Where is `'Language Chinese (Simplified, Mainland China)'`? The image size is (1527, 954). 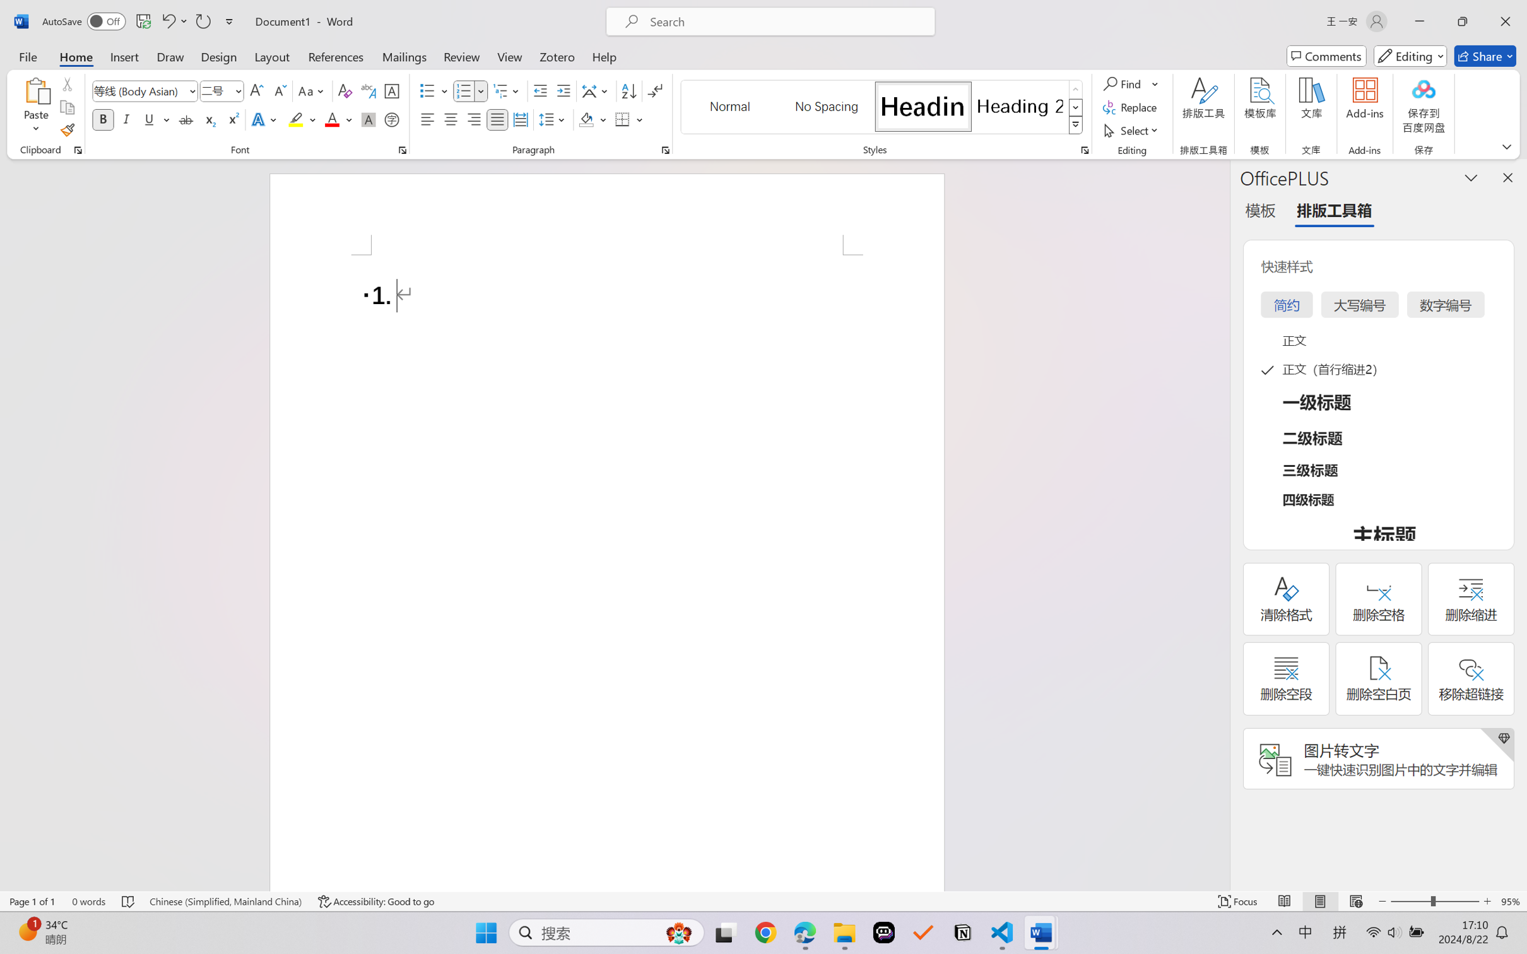
'Language Chinese (Simplified, Mainland China)' is located at coordinates (225, 901).